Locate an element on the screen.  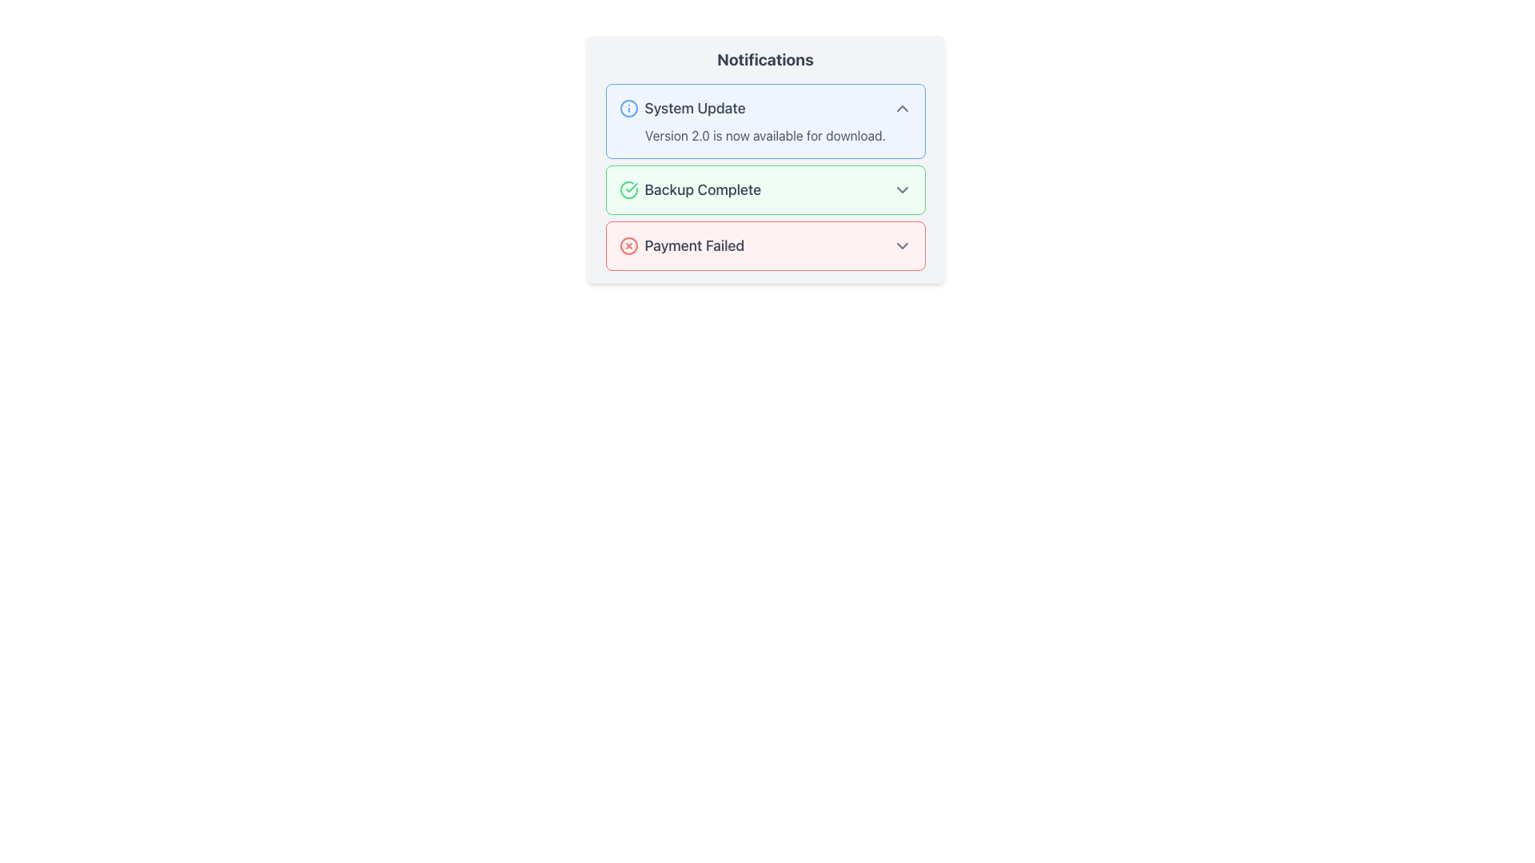
the green checkmark icon representing a successful action, which is part of the 'Backup Complete' notification is located at coordinates (631, 187).